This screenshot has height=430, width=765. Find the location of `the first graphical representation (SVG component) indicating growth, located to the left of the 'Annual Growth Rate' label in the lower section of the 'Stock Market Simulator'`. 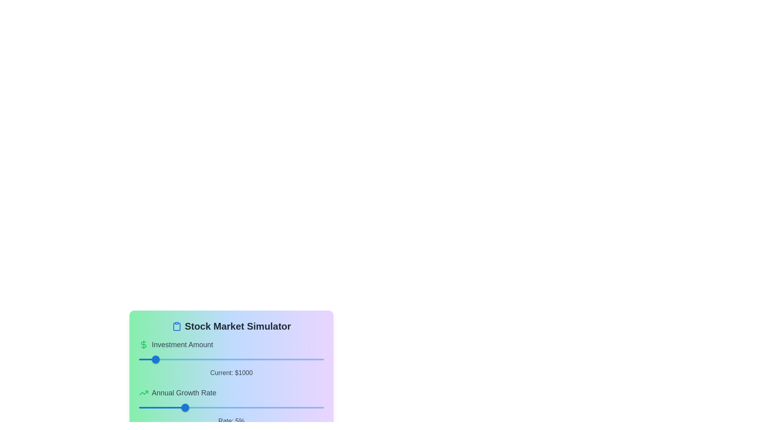

the first graphical representation (SVG component) indicating growth, located to the left of the 'Annual Growth Rate' label in the lower section of the 'Stock Market Simulator' is located at coordinates (143, 393).